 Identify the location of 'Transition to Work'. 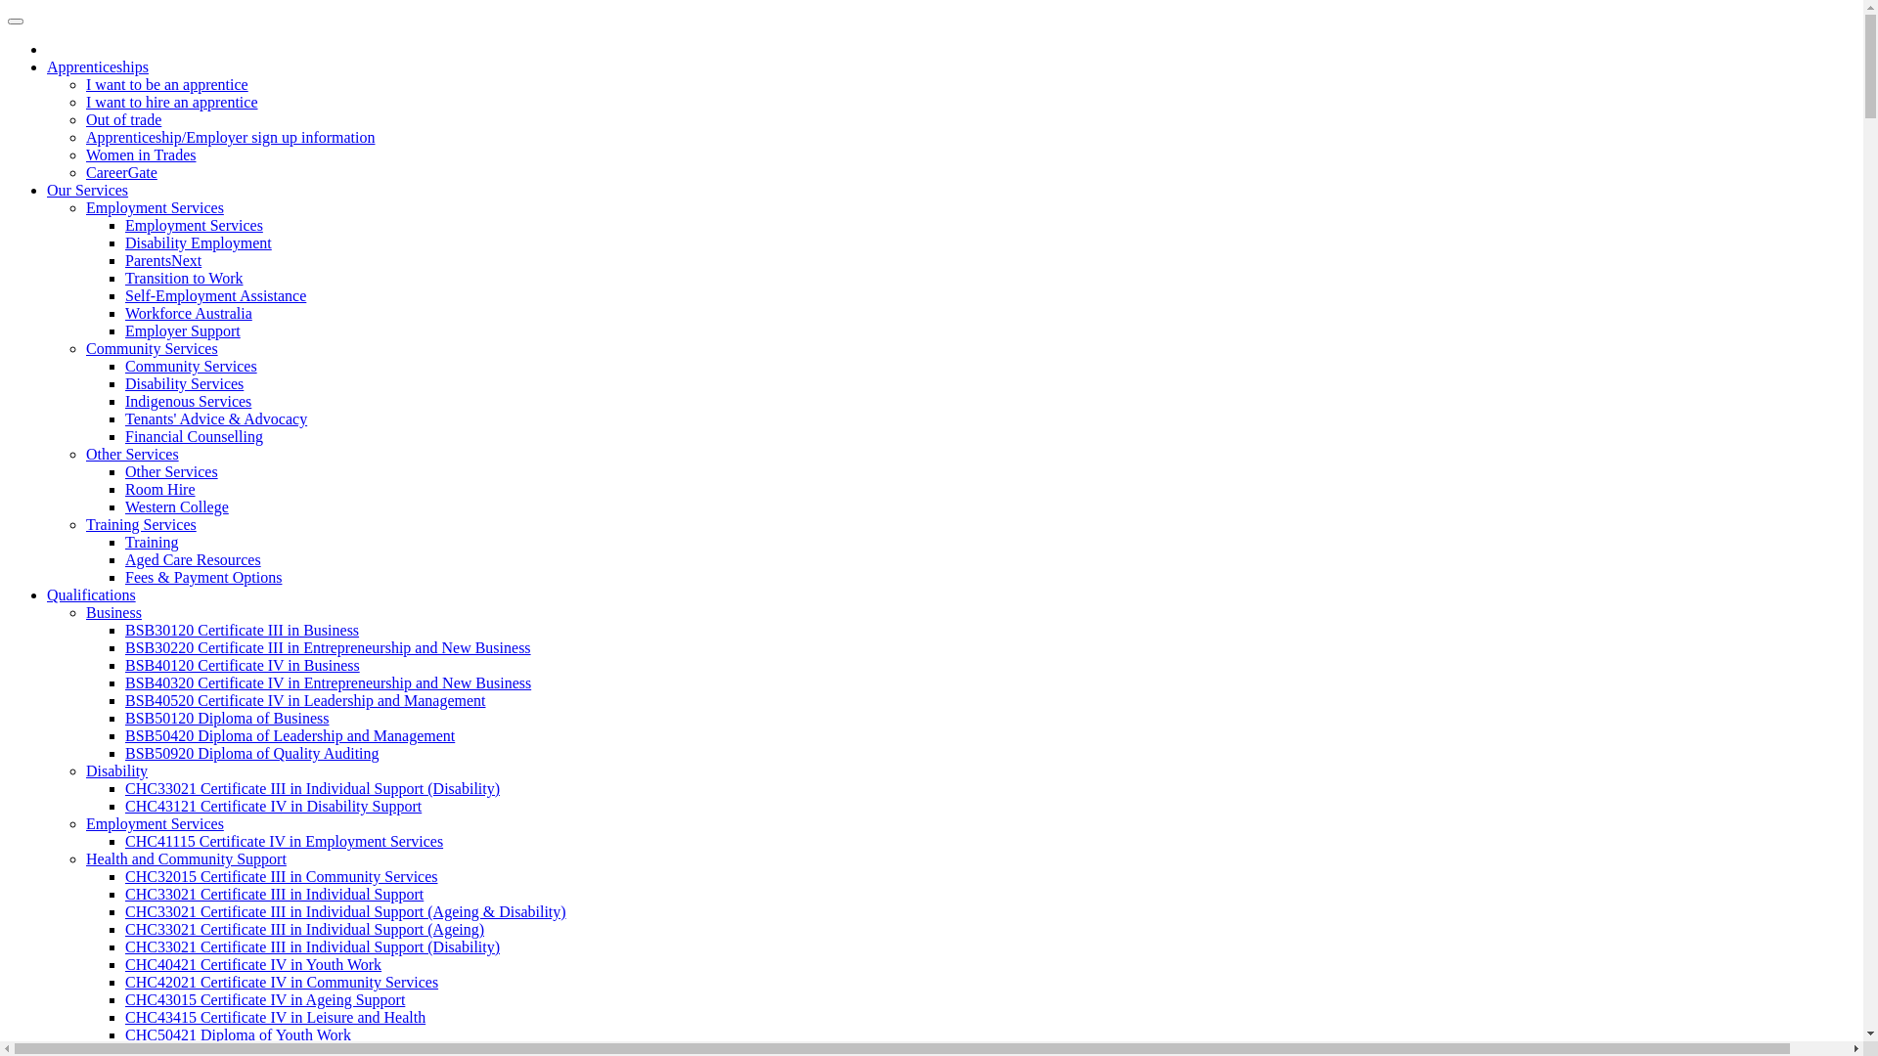
(184, 278).